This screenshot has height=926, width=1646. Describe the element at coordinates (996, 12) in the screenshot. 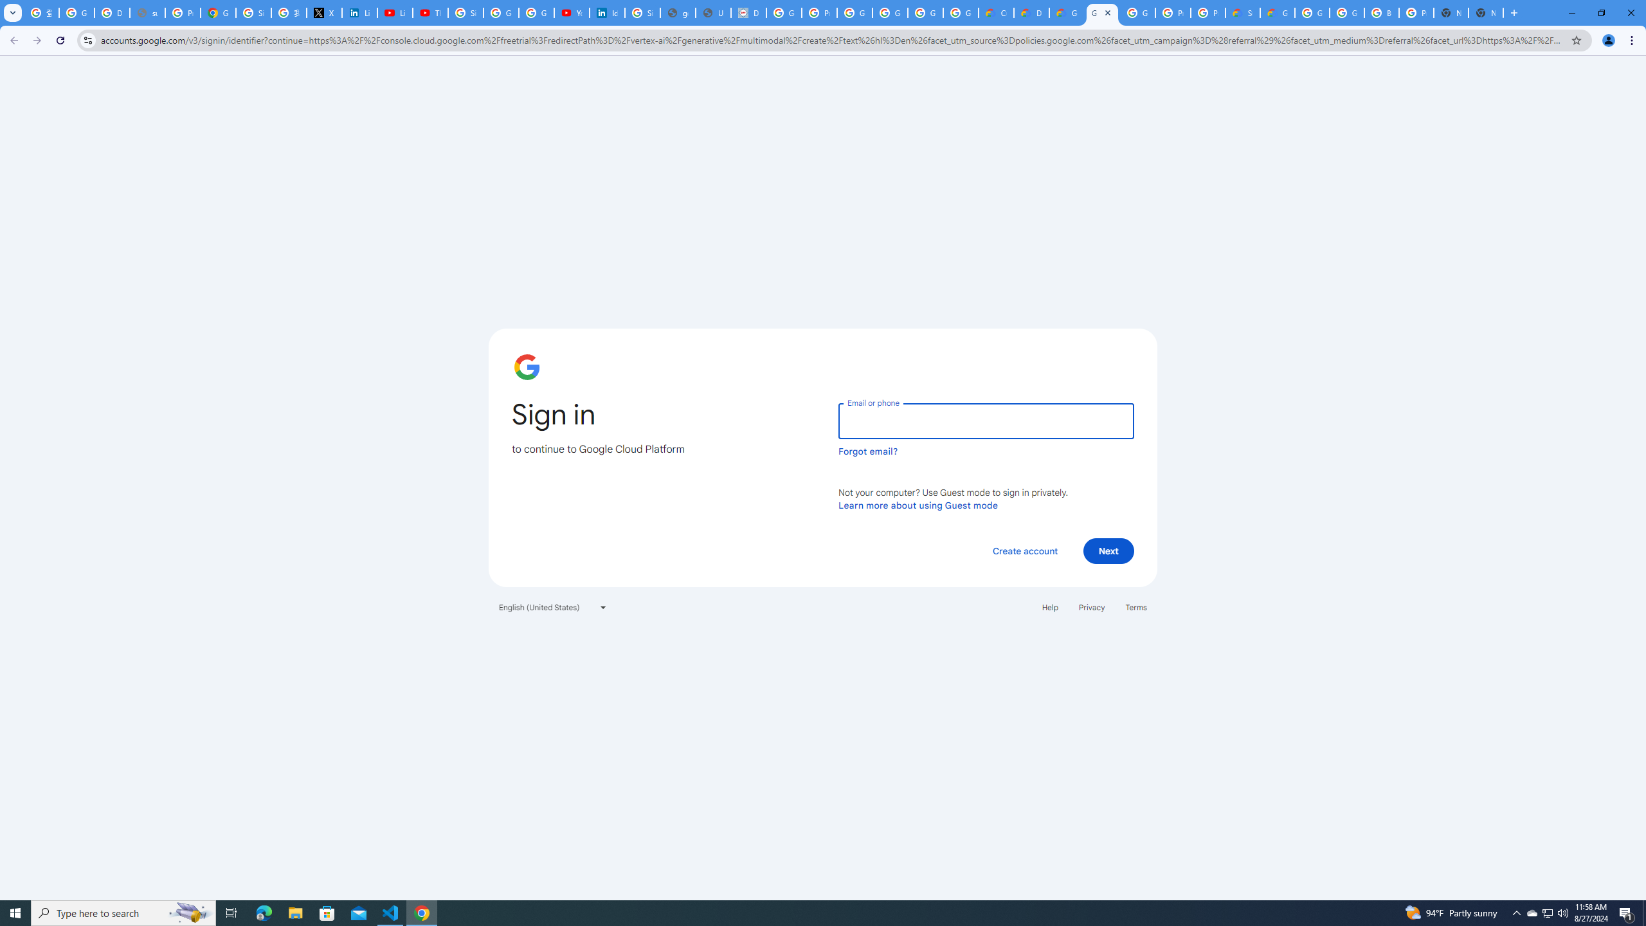

I see `'Customer Care | Google Cloud'` at that location.